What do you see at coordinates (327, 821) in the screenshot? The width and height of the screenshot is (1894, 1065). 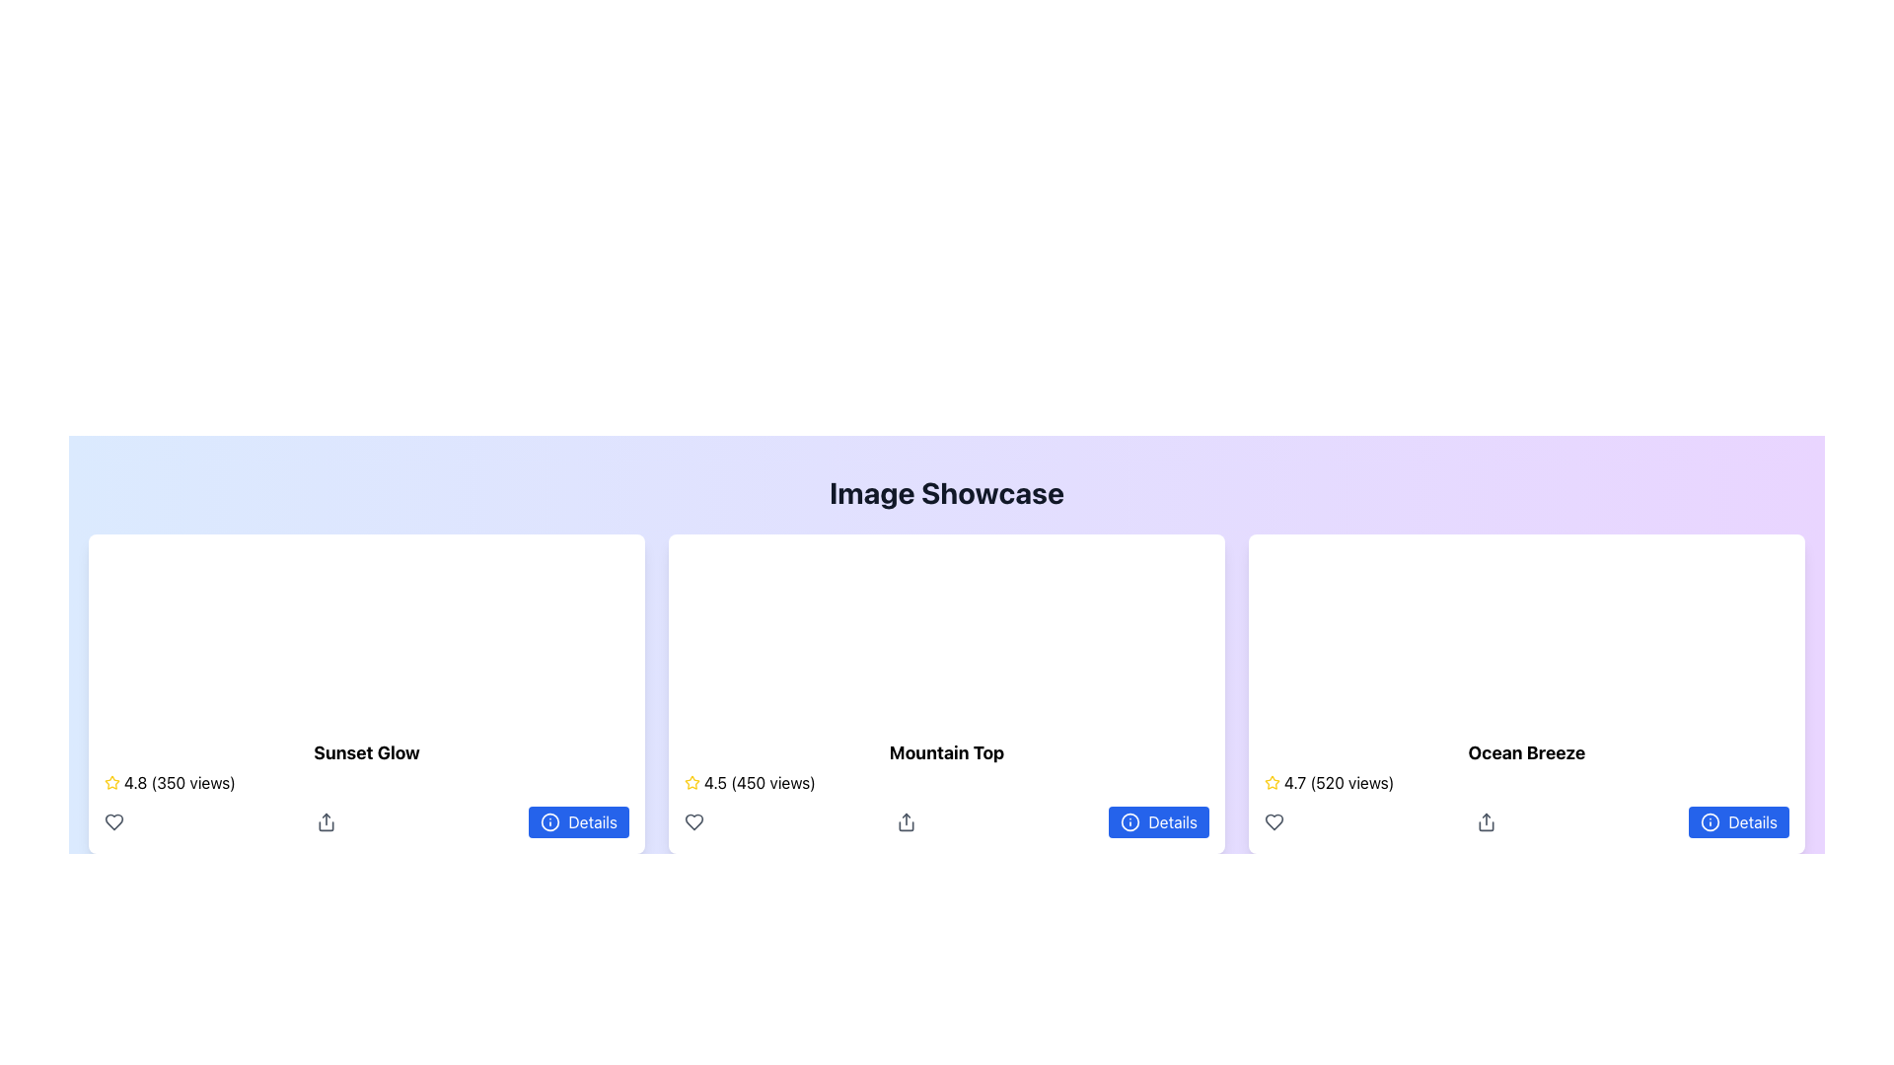 I see `the upward arrow share icon located below the 'Sunset Glow' text in the leftmost card of the 'Image Showcase' section` at bounding box center [327, 821].